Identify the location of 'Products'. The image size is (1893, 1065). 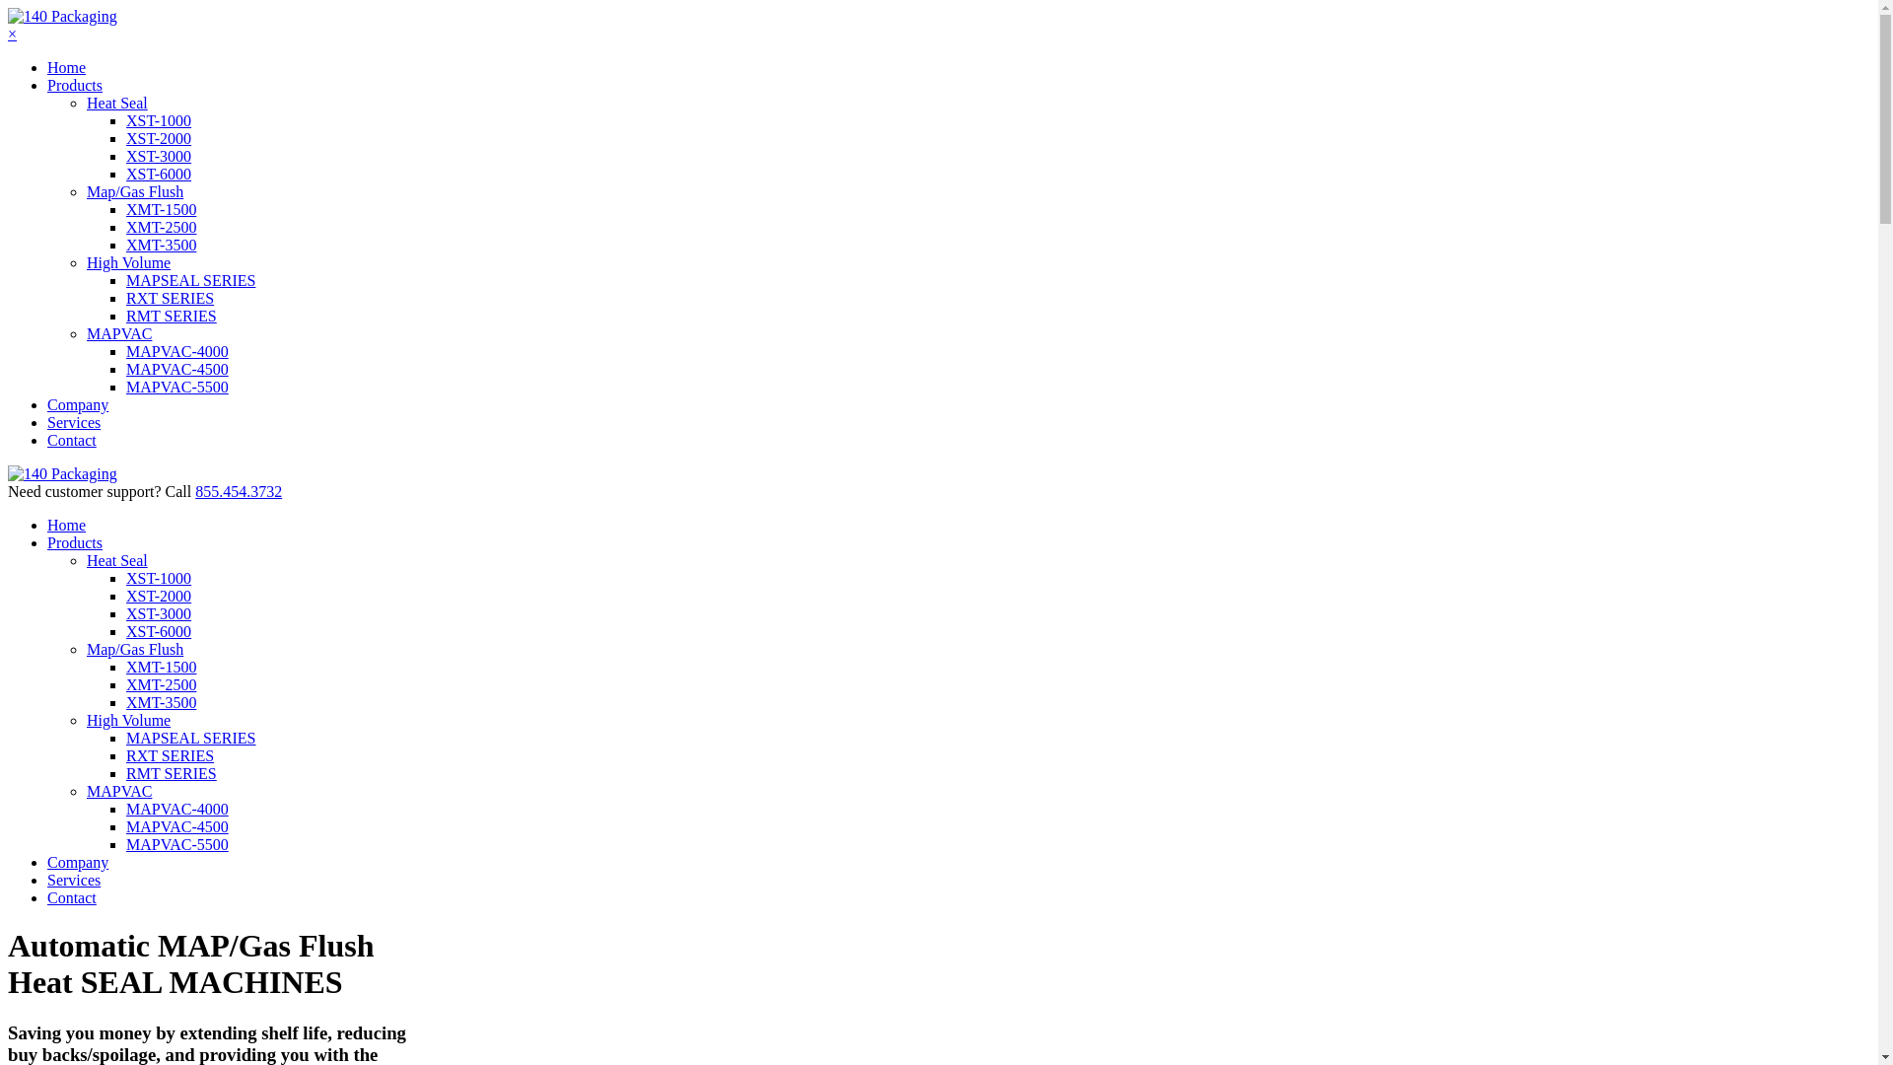
(75, 84).